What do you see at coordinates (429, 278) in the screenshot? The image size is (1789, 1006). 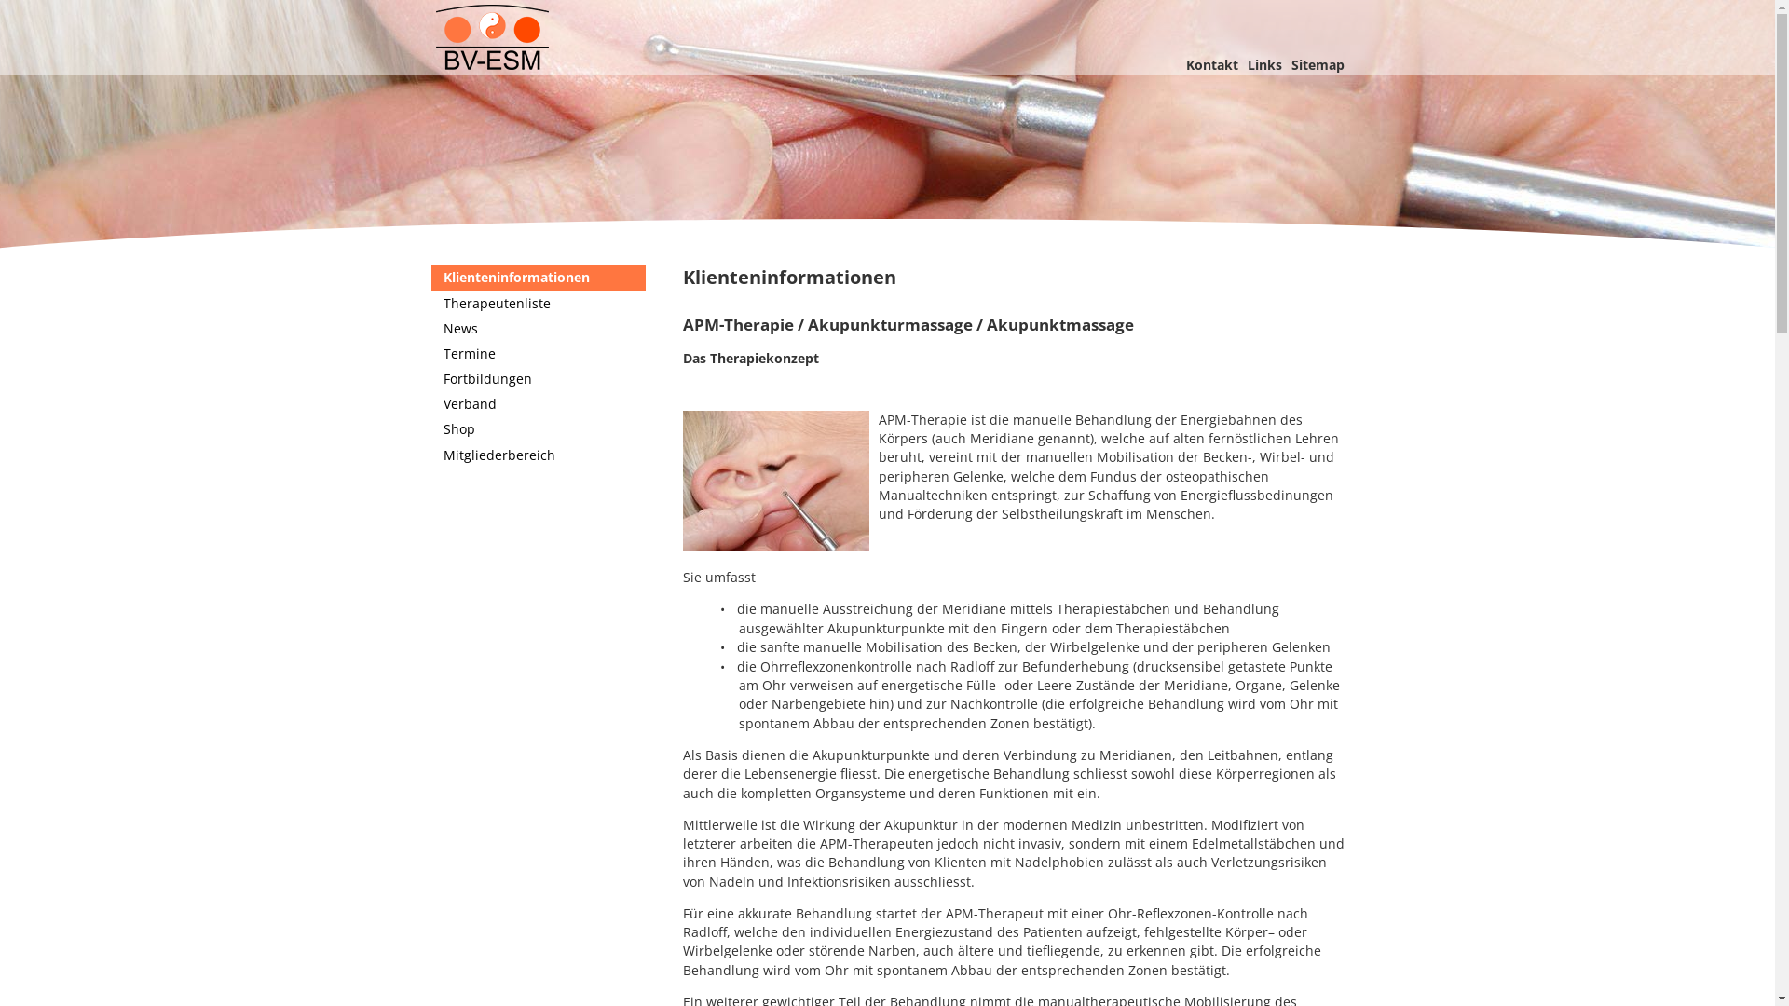 I see `'Klienteninformationen'` at bounding box center [429, 278].